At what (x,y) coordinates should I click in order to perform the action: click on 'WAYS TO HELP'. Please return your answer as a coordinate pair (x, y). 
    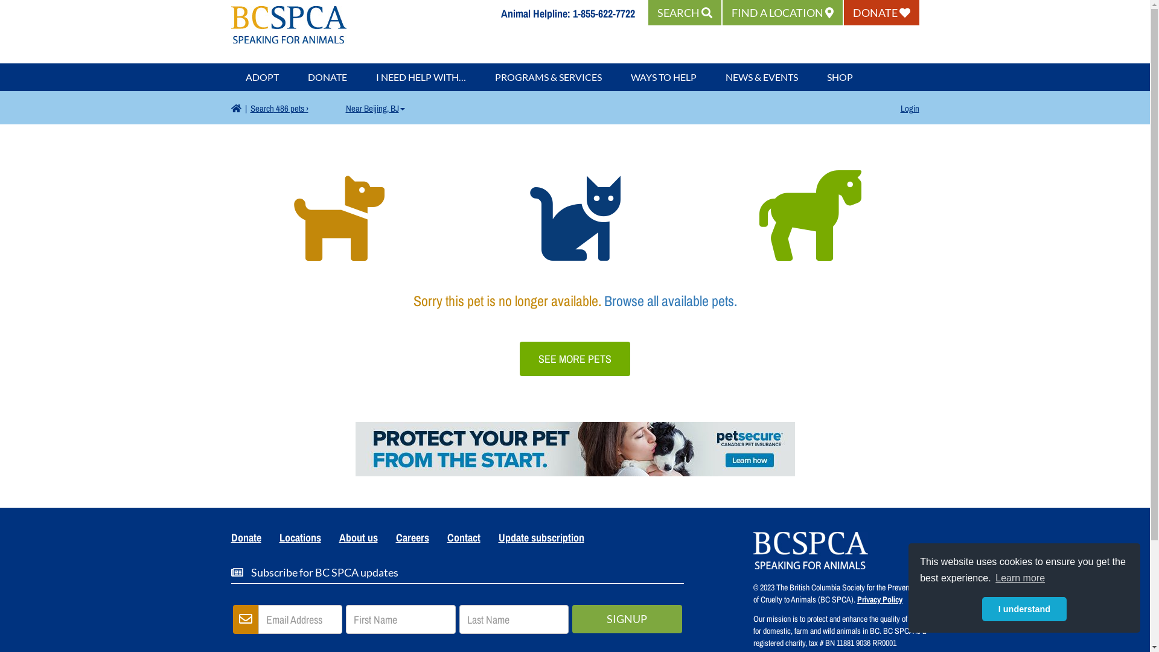
    Looking at the image, I should click on (662, 77).